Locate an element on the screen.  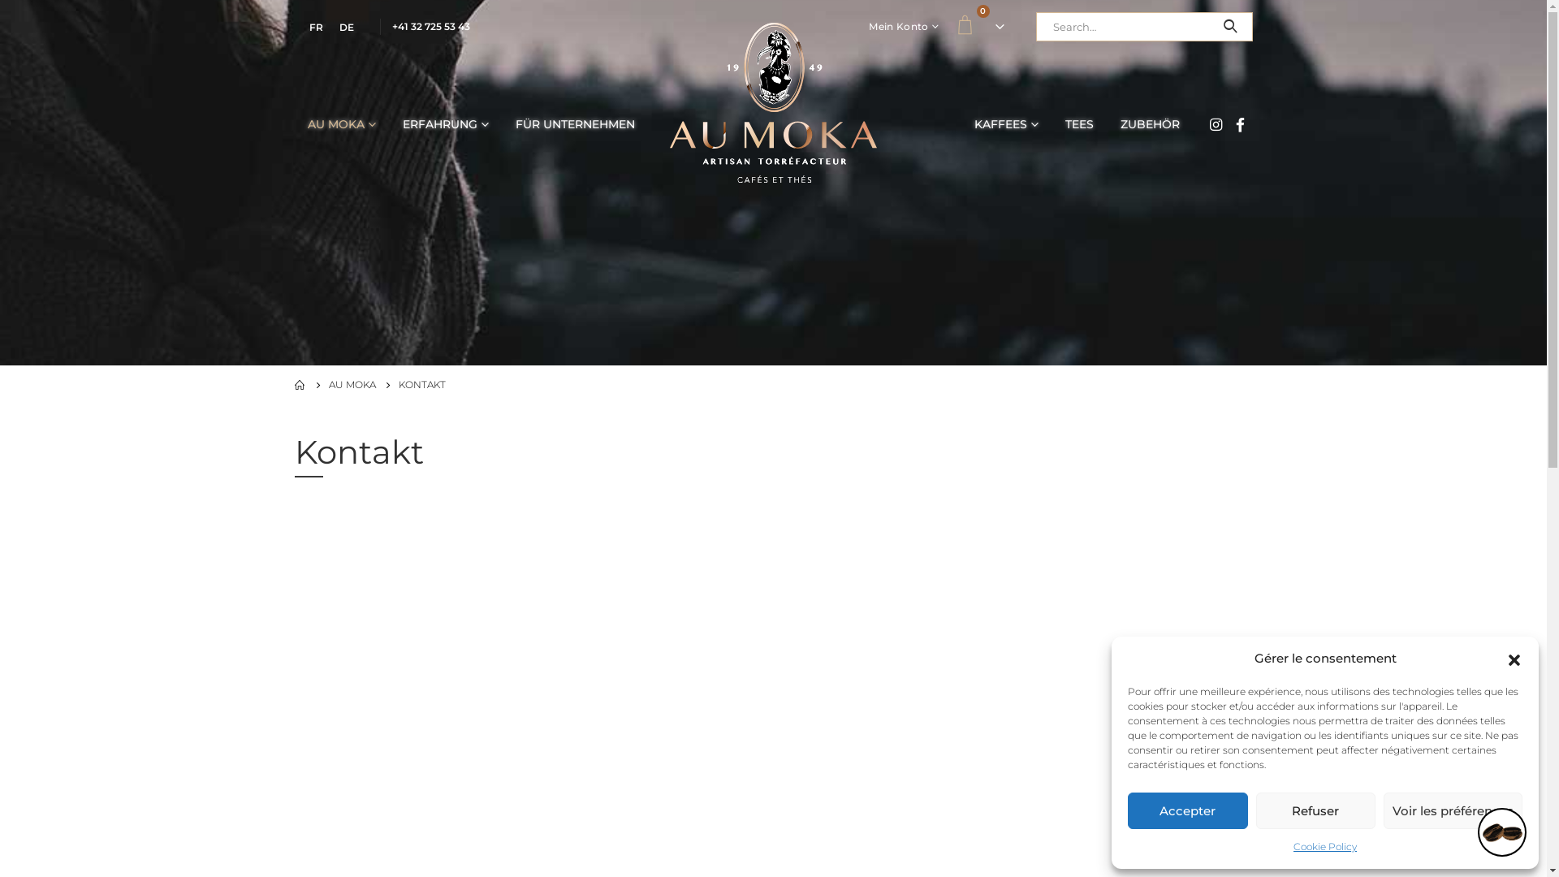
'FR' is located at coordinates (315, 28).